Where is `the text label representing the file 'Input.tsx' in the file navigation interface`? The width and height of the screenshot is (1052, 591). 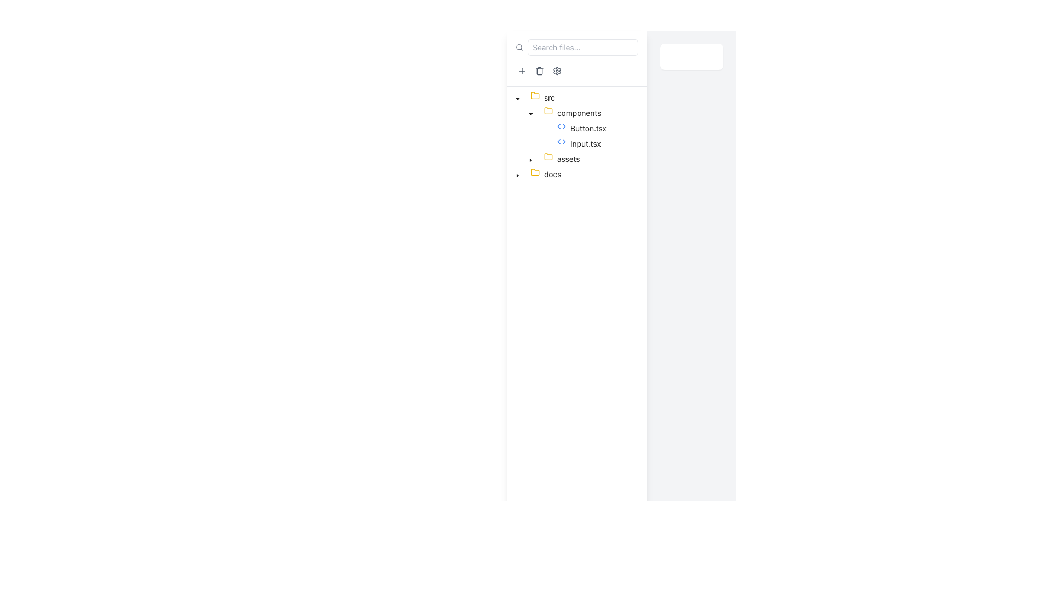 the text label representing the file 'Input.tsx' in the file navigation interface is located at coordinates (585, 143).